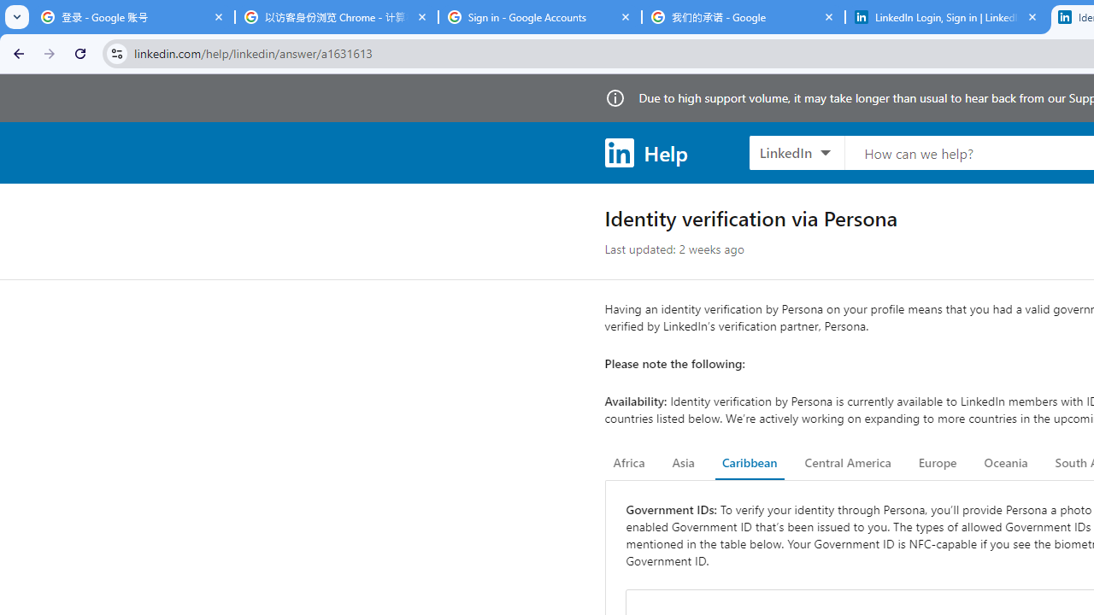 Image resolution: width=1094 pixels, height=615 pixels. I want to click on 'Caribbean', so click(749, 463).